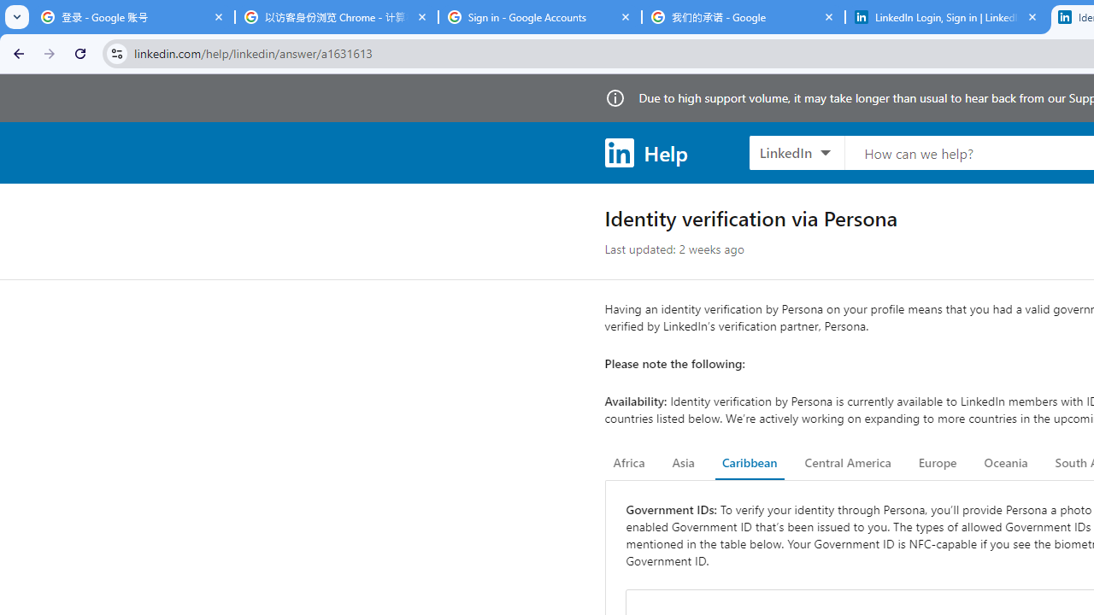 Image resolution: width=1094 pixels, height=615 pixels. I want to click on 'Caribbean', so click(749, 463).